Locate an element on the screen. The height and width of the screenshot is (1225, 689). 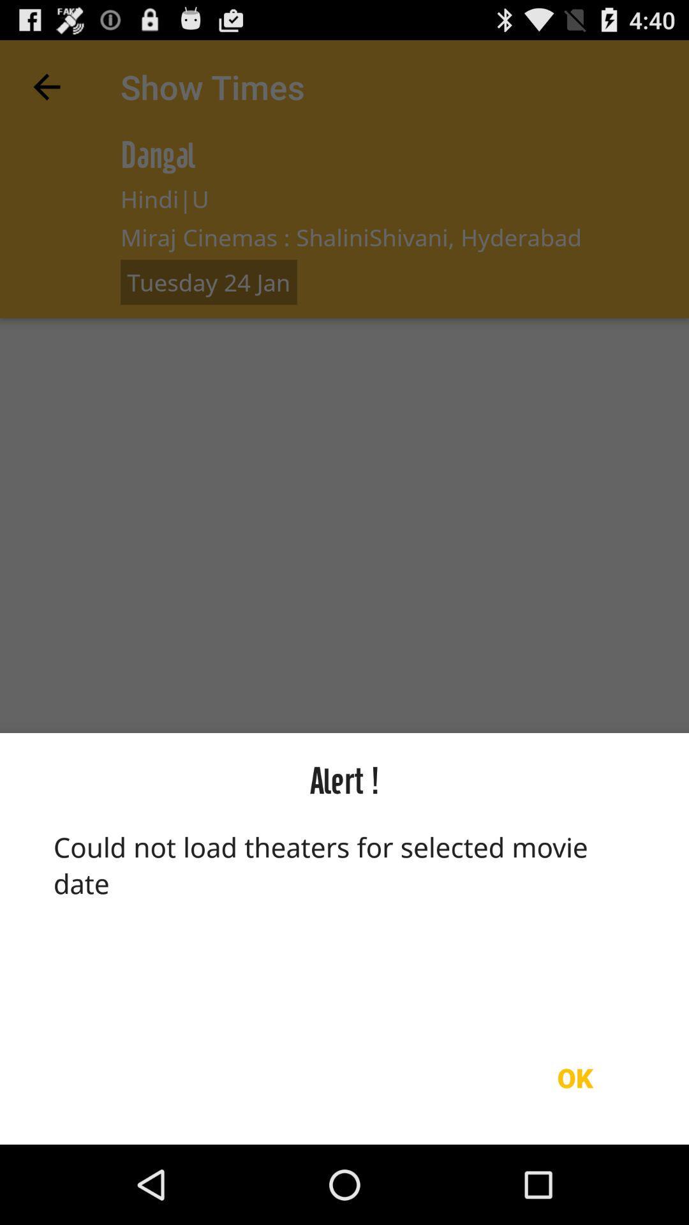
could not load icon is located at coordinates (344, 919).